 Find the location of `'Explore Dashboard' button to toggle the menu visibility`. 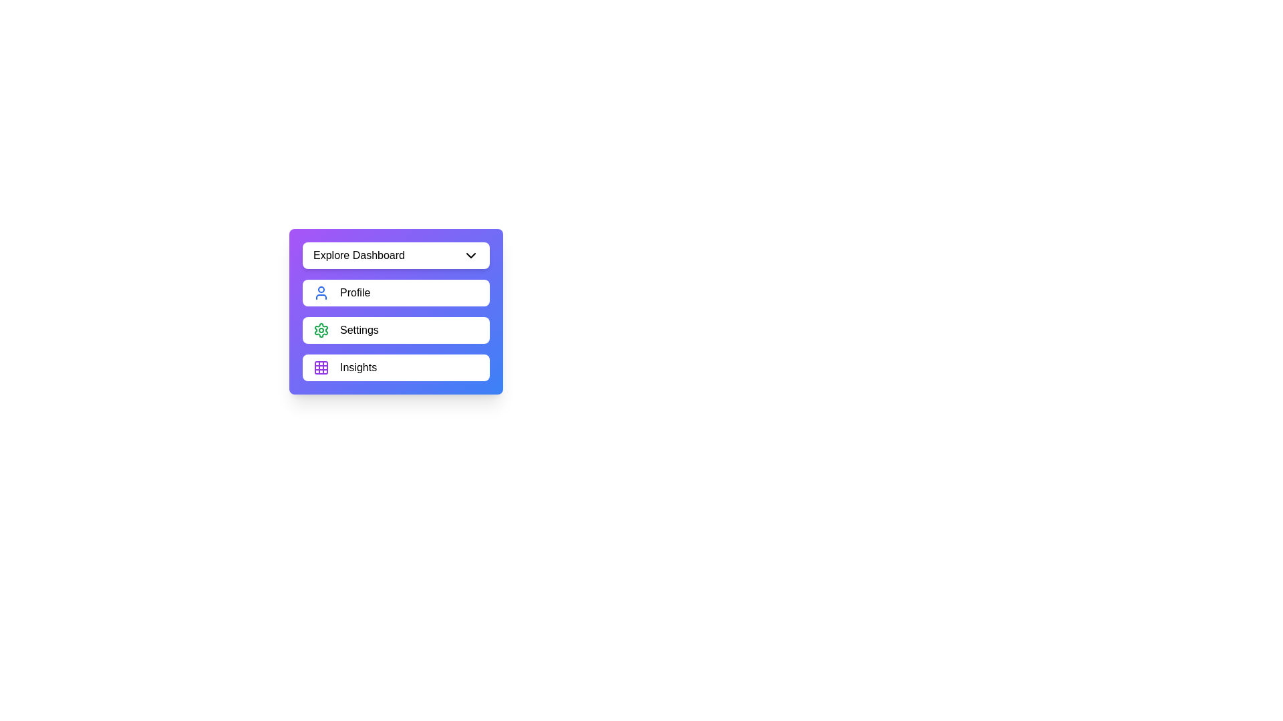

'Explore Dashboard' button to toggle the menu visibility is located at coordinates (396, 255).